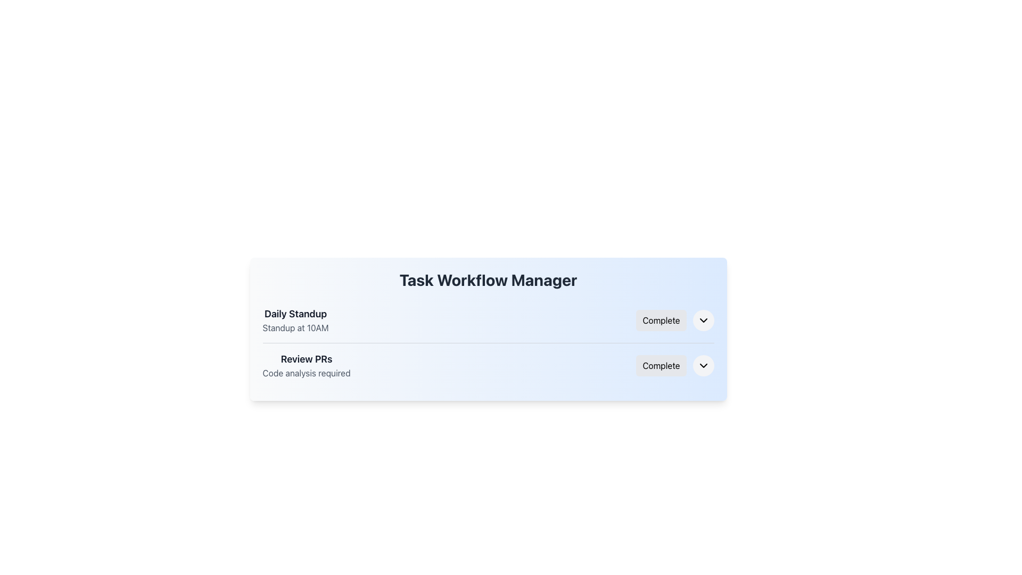  Describe the element at coordinates (306, 373) in the screenshot. I see `the static text element that provides descriptive information about the task titled 'Review PRs', located below the header text within the task card` at that location.